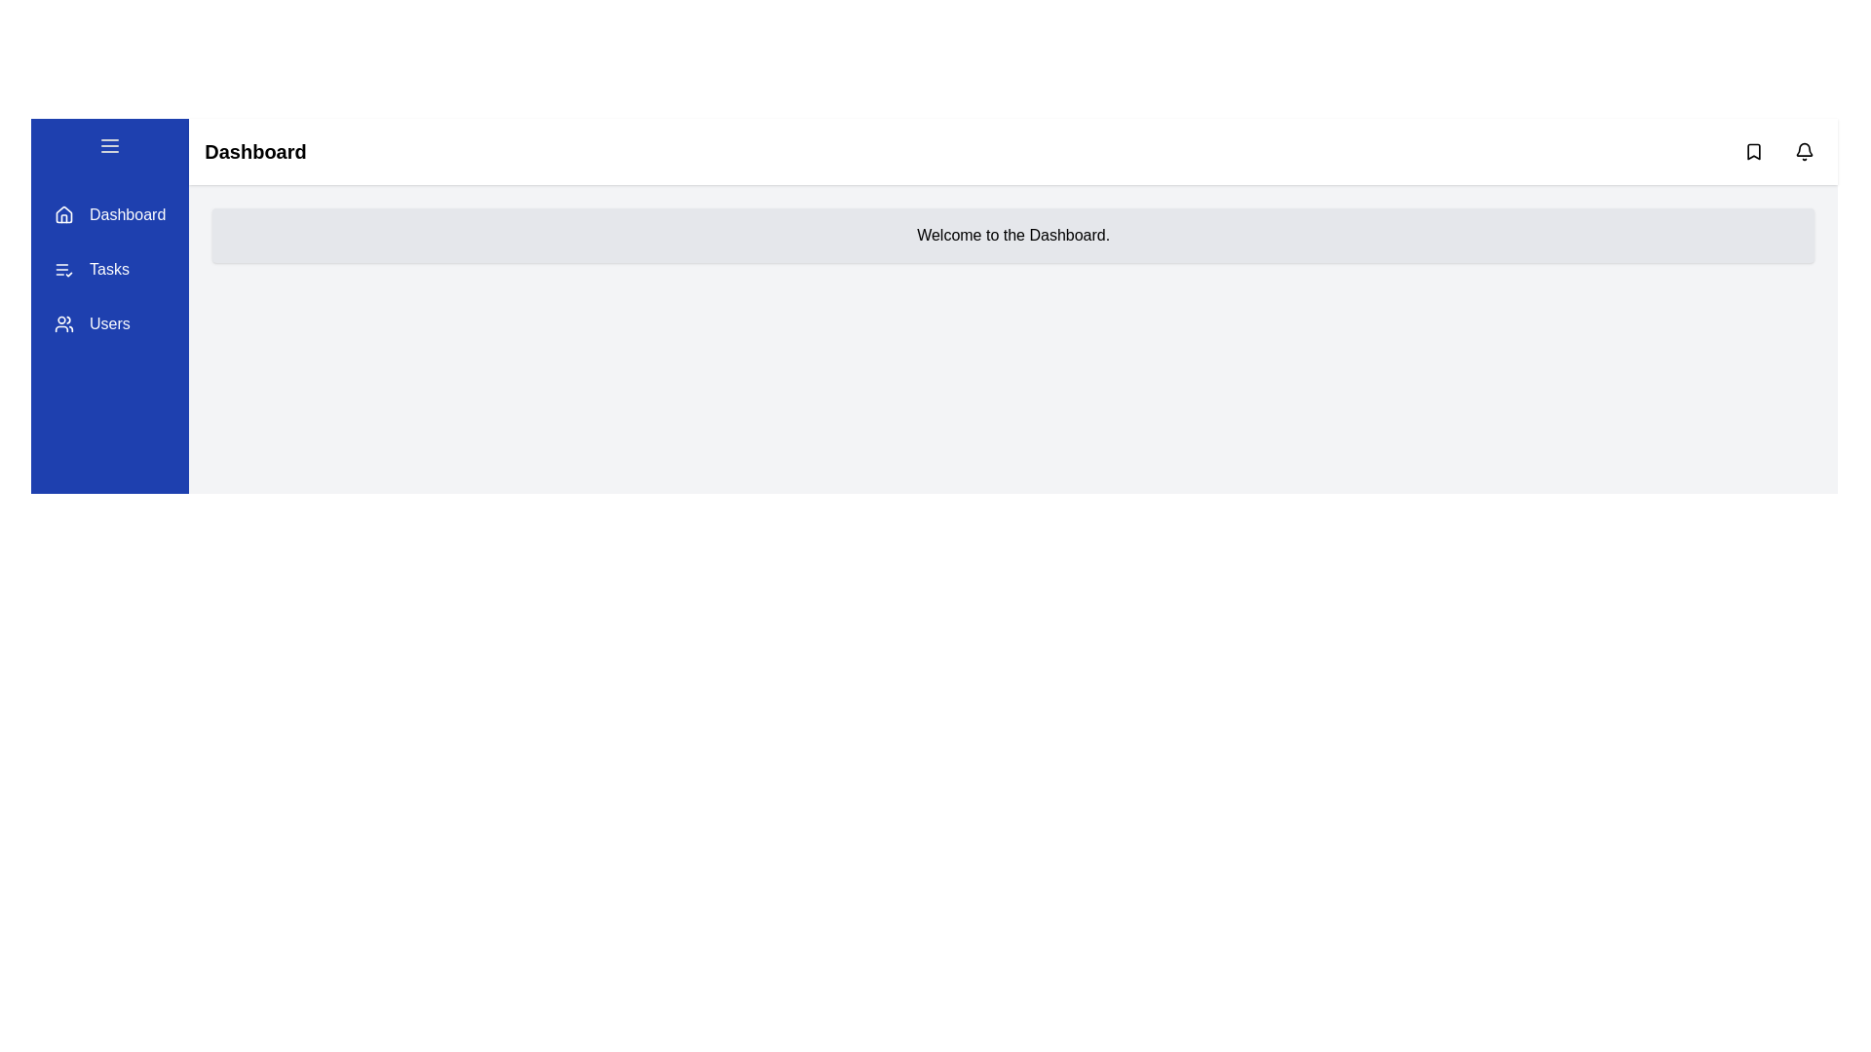 The height and width of the screenshot is (1052, 1871). I want to click on the 'Dashboard' icon (House) located in the left sidebar, so click(64, 214).